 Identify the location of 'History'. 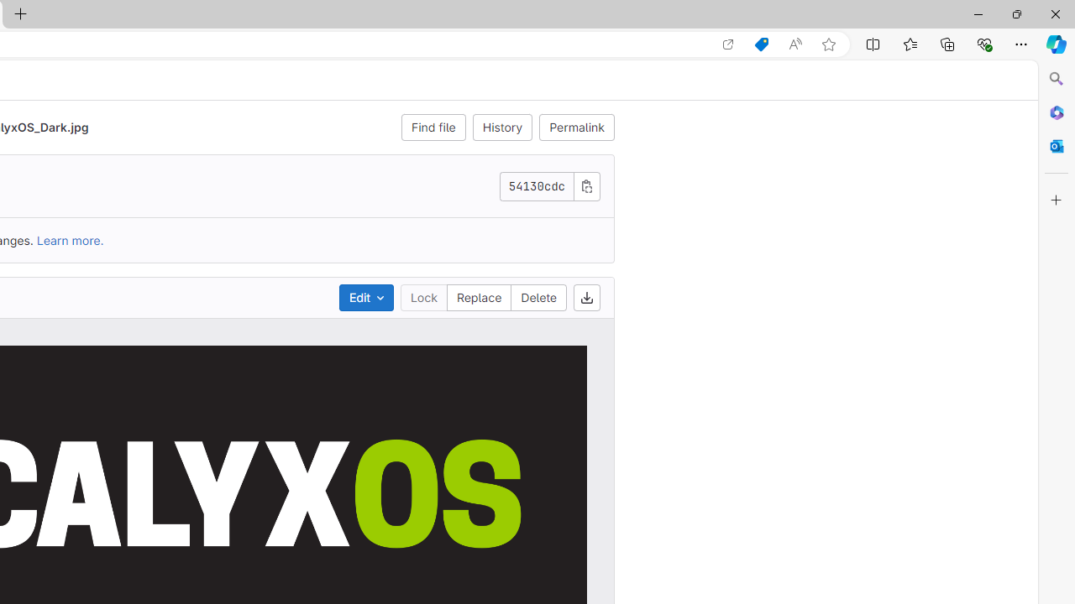
(501, 126).